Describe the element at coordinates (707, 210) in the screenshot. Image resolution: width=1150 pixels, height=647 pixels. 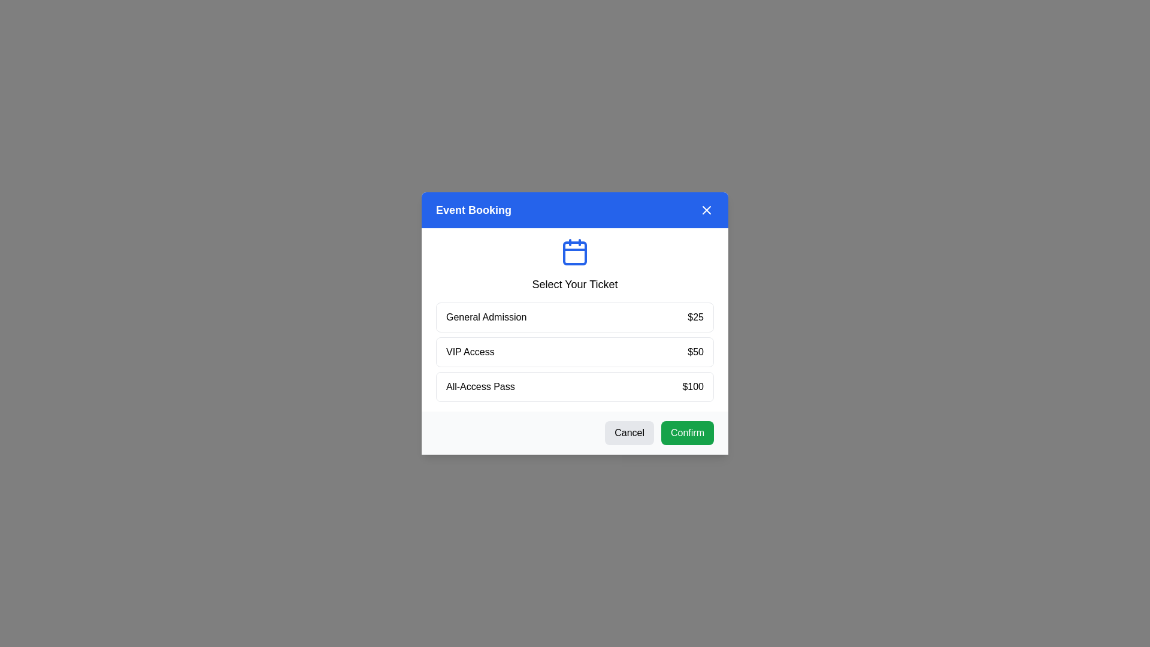
I see `the 'close' or 'X' icon located at the top-right corner of the modal's blue header section, next to 'Event Booking'` at that location.